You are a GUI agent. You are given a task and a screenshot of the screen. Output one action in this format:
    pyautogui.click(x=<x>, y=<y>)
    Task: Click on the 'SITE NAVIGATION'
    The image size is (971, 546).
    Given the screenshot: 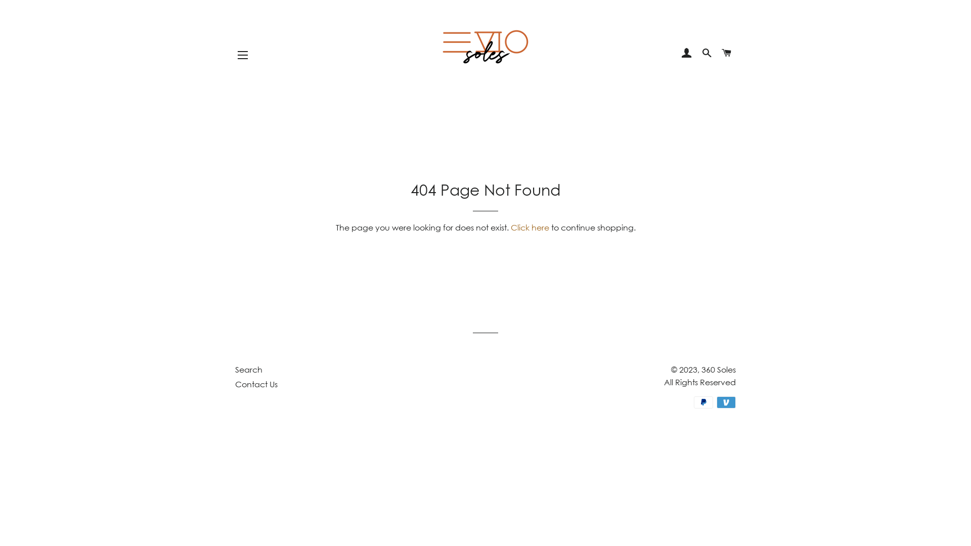 What is the action you would take?
    pyautogui.click(x=243, y=55)
    